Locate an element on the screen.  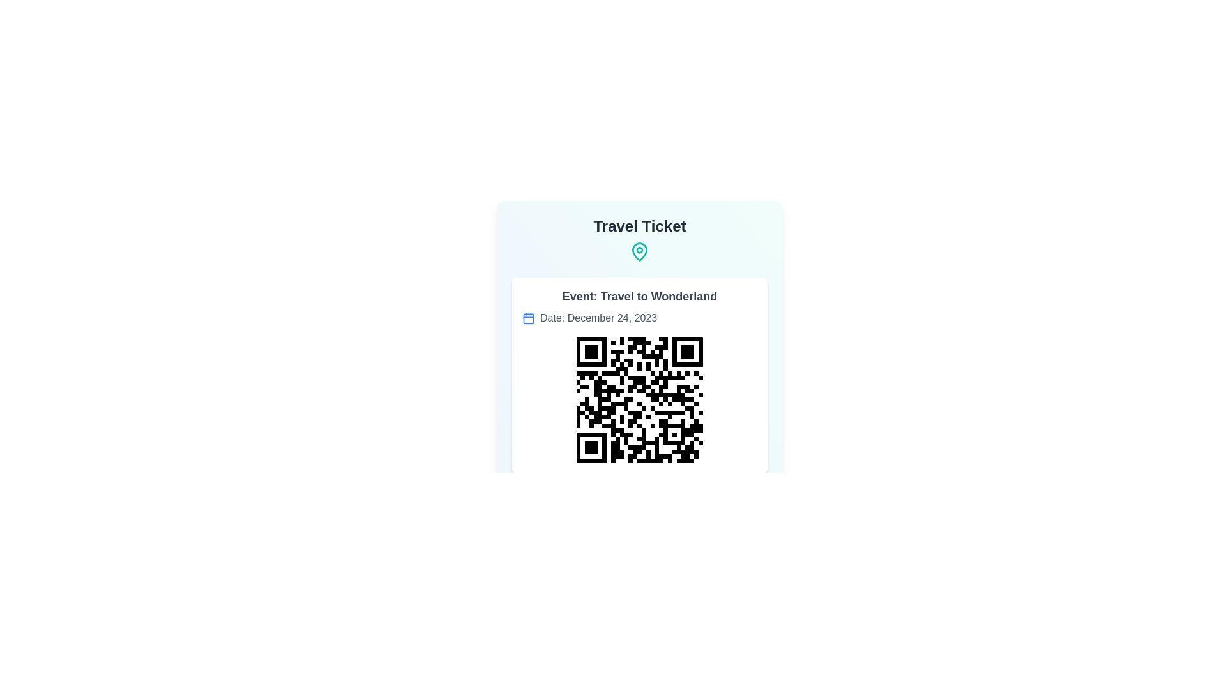
the scannable QR code located centrally in the travel ticket card interface to scan the ticket details is located at coordinates (640, 399).